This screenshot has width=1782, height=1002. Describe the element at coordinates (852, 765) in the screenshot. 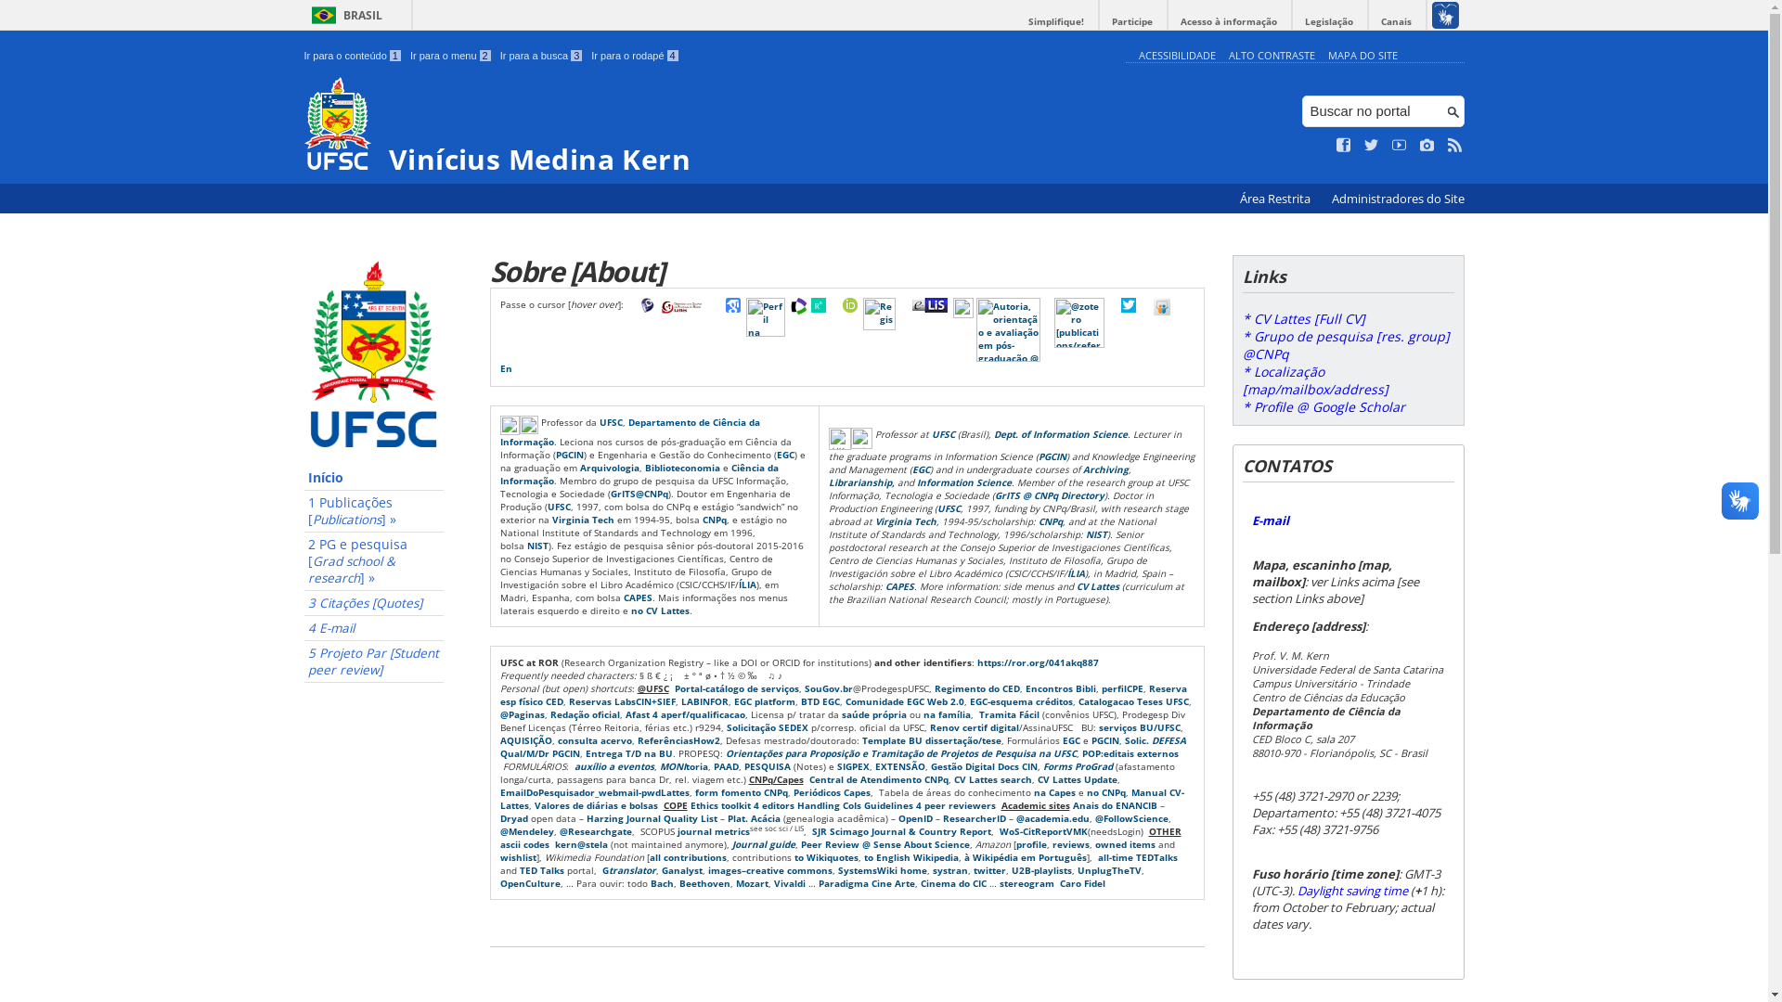

I see `'SIGPEX'` at that location.